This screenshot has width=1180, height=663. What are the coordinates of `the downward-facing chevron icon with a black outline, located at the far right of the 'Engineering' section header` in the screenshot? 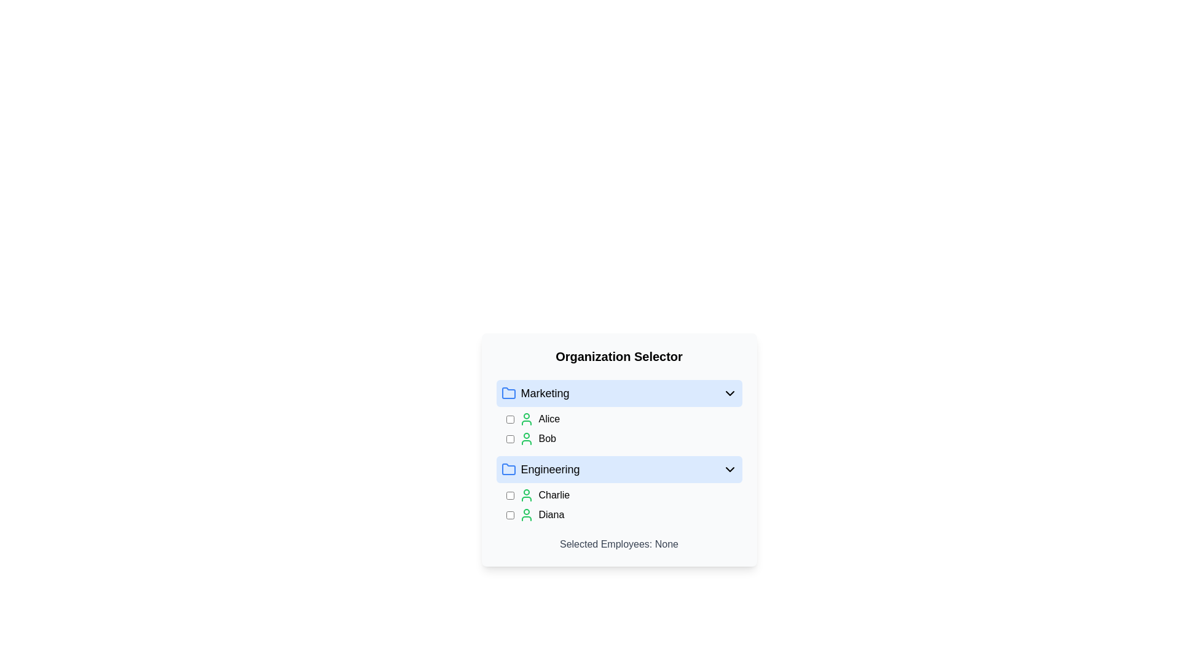 It's located at (730, 469).